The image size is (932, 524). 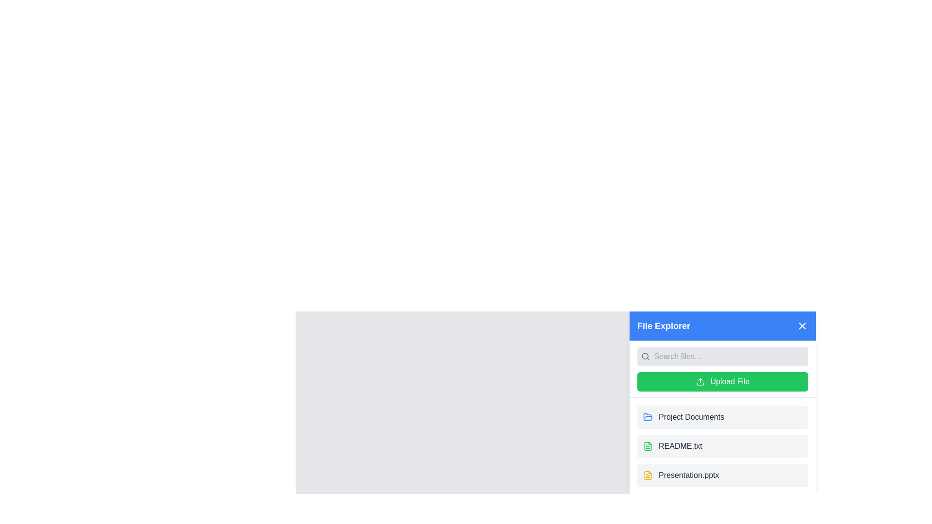 What do you see at coordinates (730, 381) in the screenshot?
I see `the 'Upload File' text label which is displayed in white bold font on a green button background, located towards the center-right of the button in the File Explorer panel` at bounding box center [730, 381].